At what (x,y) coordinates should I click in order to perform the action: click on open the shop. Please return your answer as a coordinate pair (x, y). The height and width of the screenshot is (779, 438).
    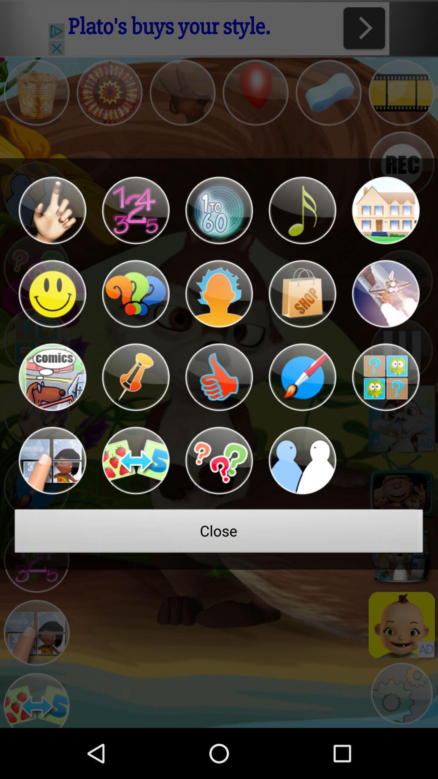
    Looking at the image, I should click on (302, 293).